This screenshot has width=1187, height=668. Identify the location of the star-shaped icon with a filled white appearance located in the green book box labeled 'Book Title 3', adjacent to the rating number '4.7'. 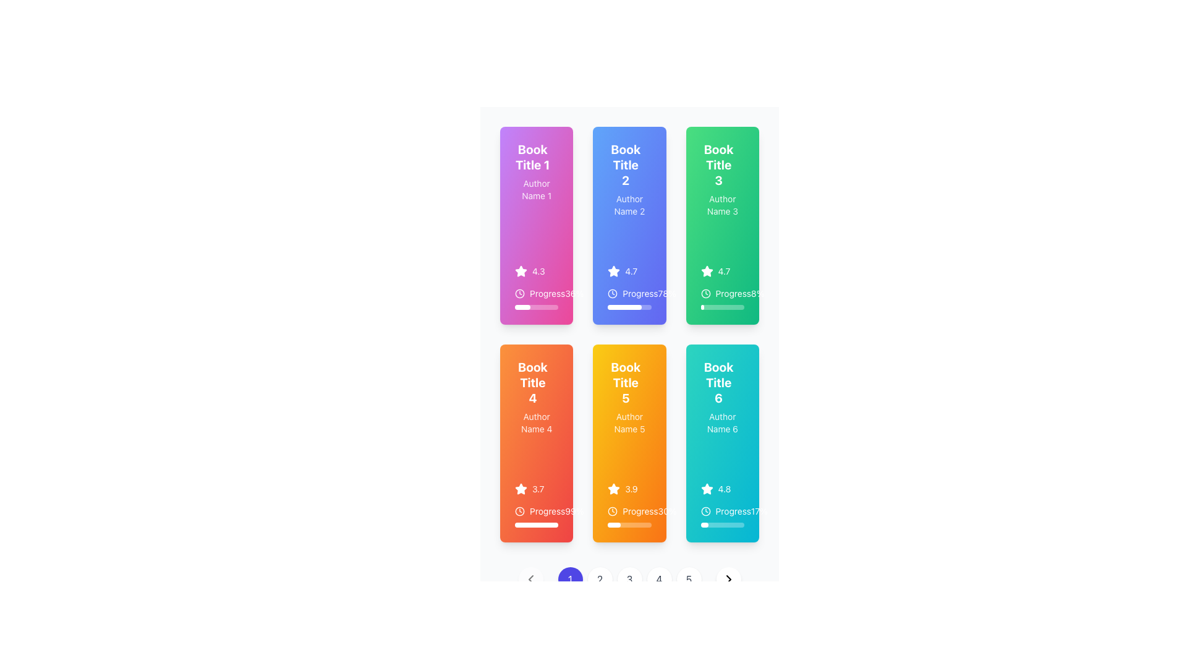
(707, 270).